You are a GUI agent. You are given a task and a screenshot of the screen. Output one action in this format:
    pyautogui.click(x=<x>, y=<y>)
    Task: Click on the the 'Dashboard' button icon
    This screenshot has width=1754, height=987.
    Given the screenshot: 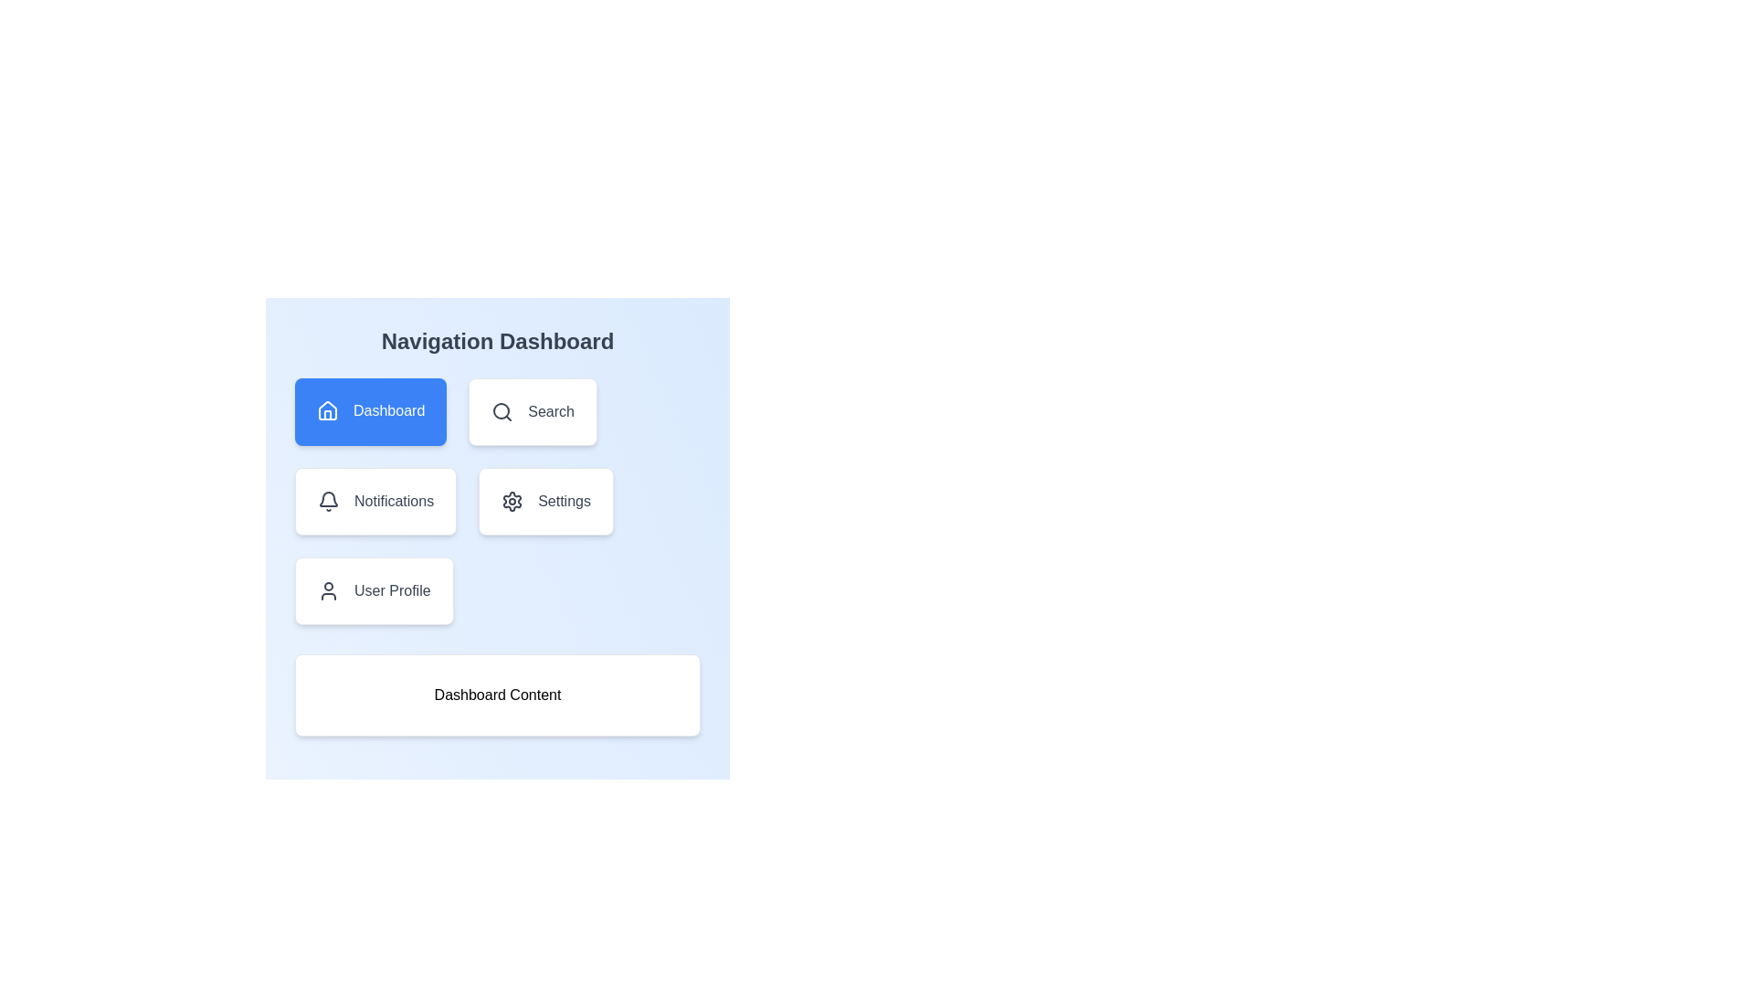 What is the action you would take?
    pyautogui.click(x=328, y=409)
    